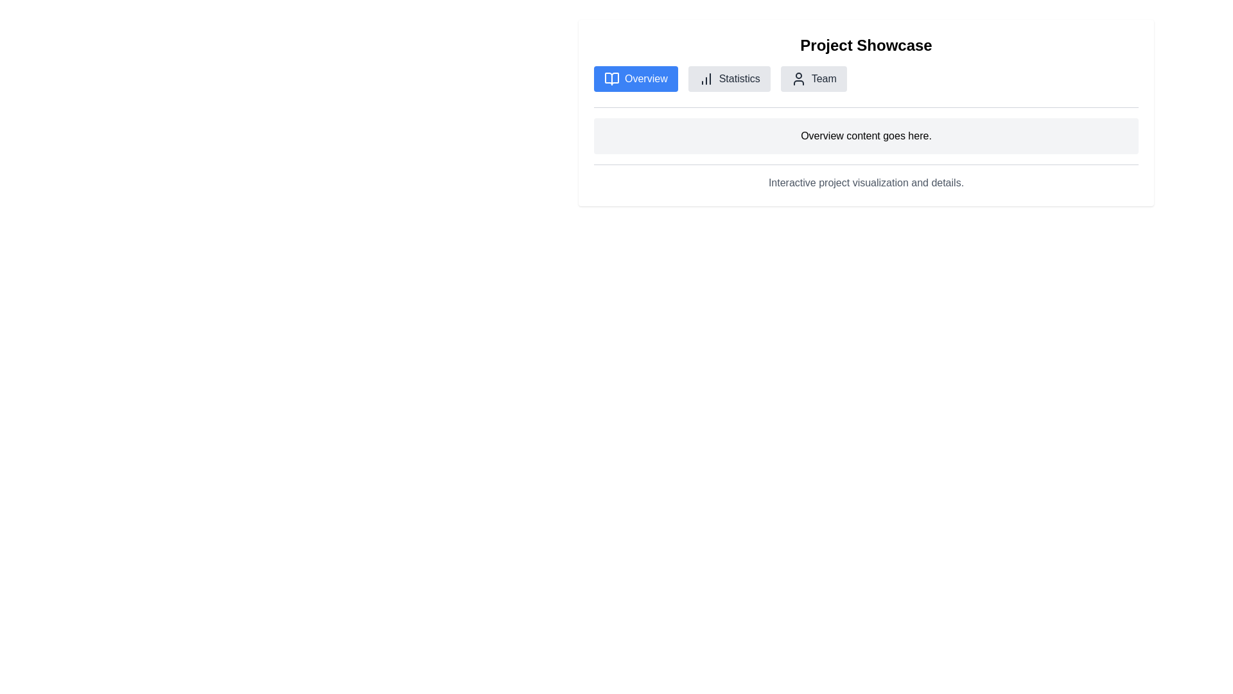  What do you see at coordinates (611, 79) in the screenshot?
I see `the 'Overview' icon located on the left side of the navigation menu at the top center of the interface` at bounding box center [611, 79].